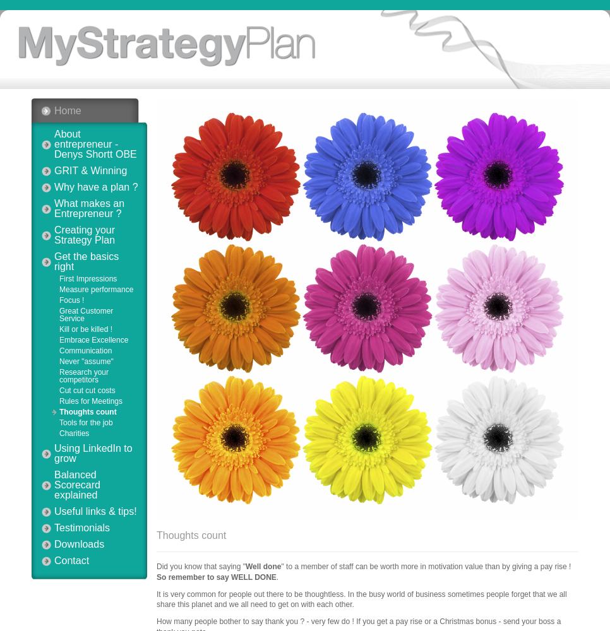 The width and height of the screenshot is (610, 631). I want to click on 'Useful links & tips!', so click(94, 511).